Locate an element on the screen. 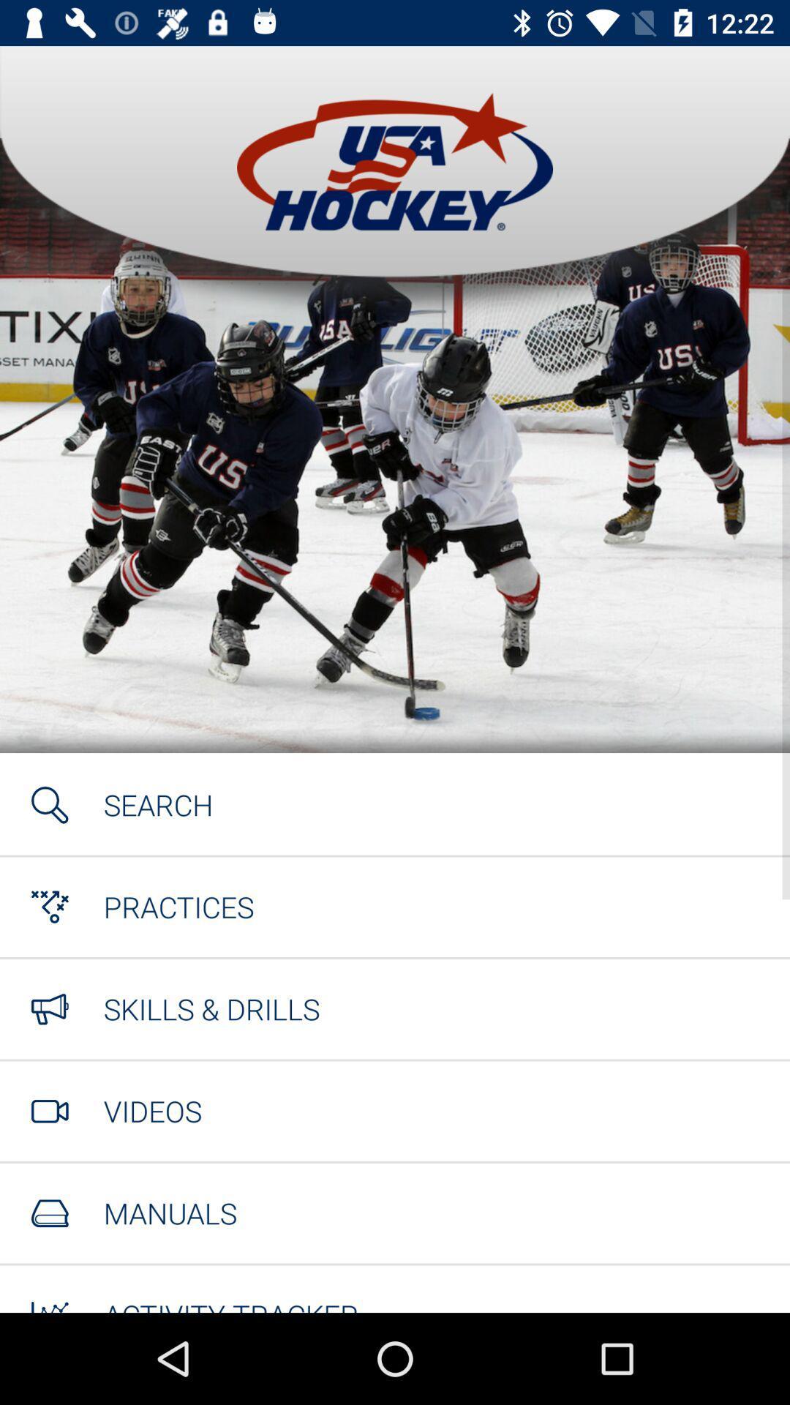 The width and height of the screenshot is (790, 1405). the practices is located at coordinates (178, 906).